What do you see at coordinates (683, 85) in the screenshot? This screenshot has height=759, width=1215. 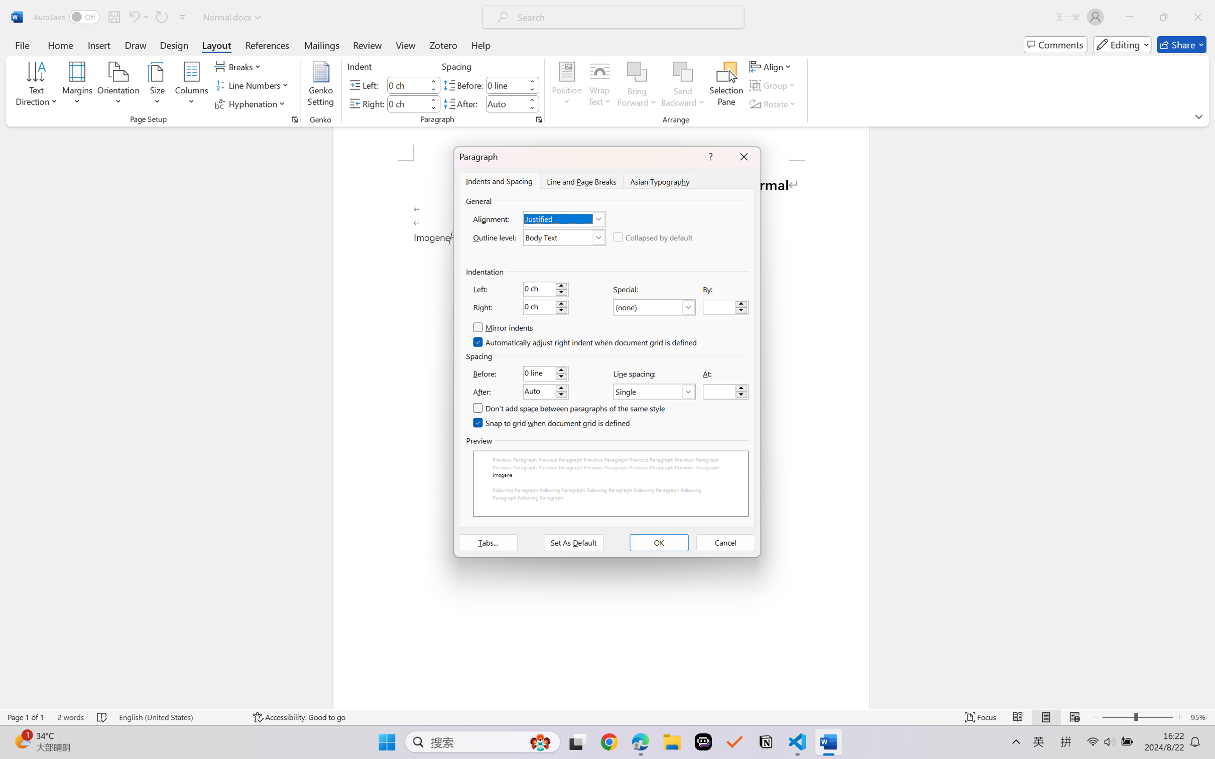 I see `'Send Backward'` at bounding box center [683, 85].